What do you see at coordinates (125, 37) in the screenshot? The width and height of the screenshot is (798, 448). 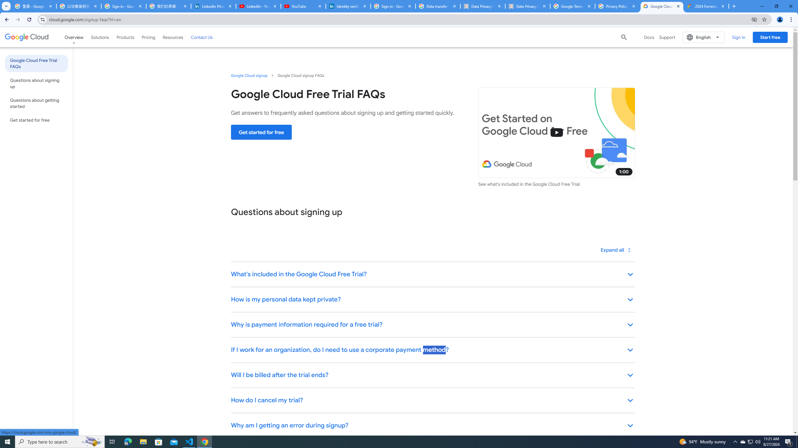 I see `'Products'` at bounding box center [125, 37].